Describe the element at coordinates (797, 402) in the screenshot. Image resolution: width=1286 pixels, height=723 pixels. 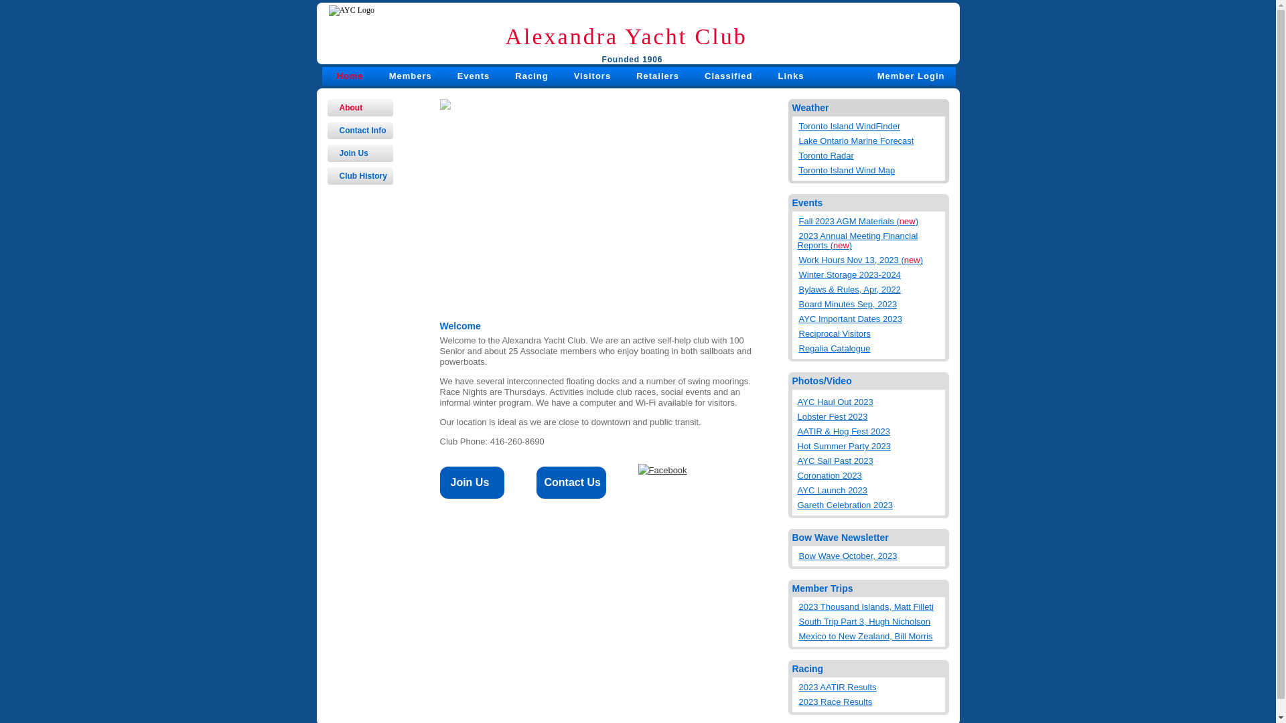
I see `'AYC Haul Out 2023'` at that location.